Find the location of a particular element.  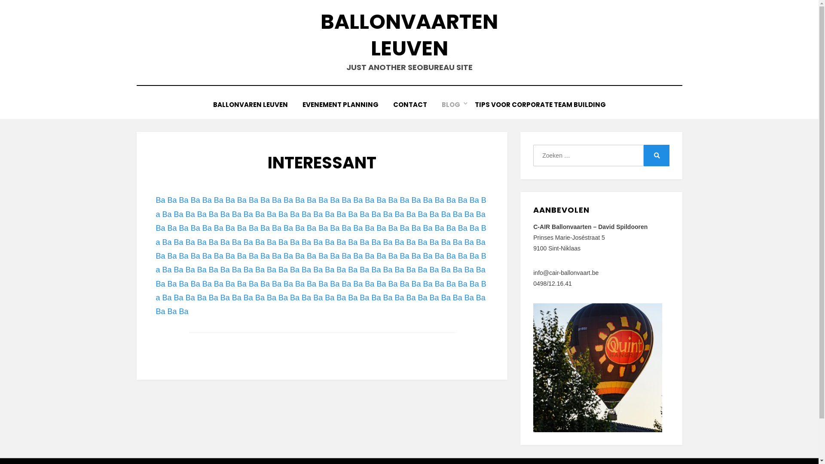

'Ba' is located at coordinates (381, 256).